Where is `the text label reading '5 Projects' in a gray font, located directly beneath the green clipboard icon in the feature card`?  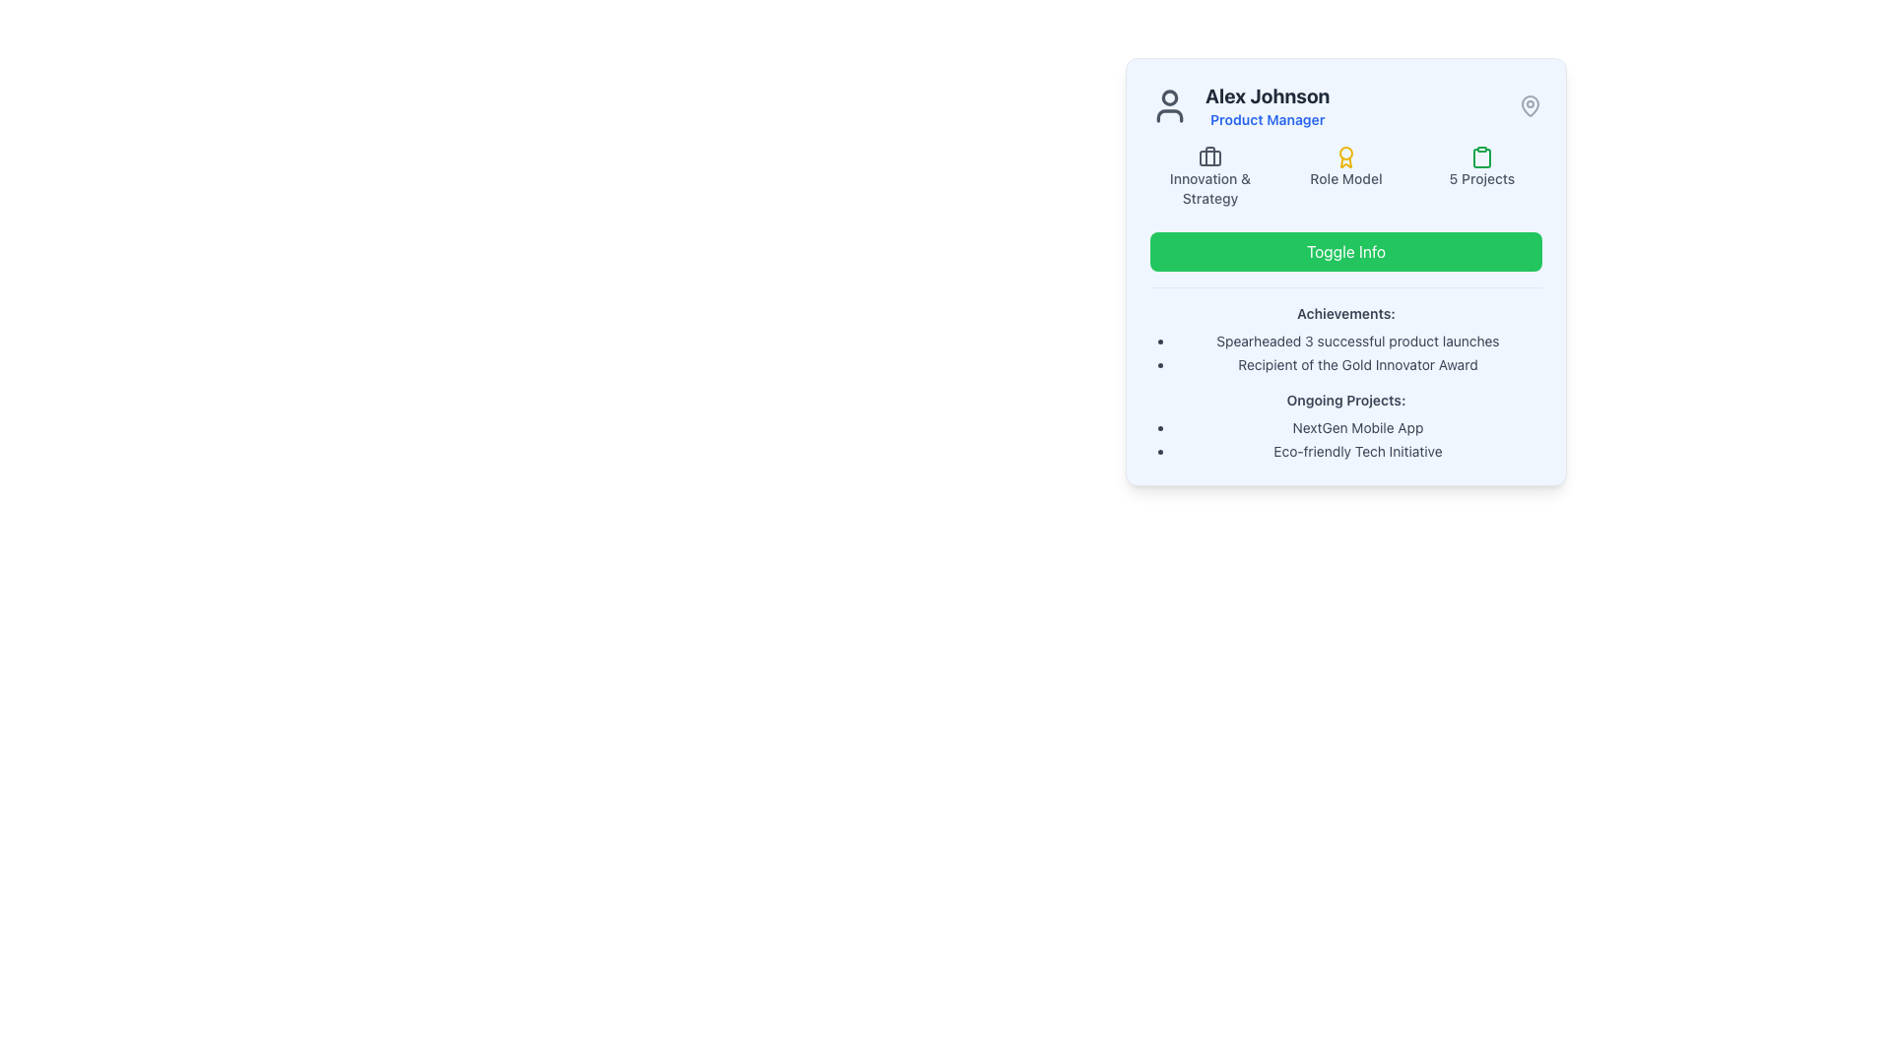
the text label reading '5 Projects' in a gray font, located directly beneath the green clipboard icon in the feature card is located at coordinates (1482, 178).